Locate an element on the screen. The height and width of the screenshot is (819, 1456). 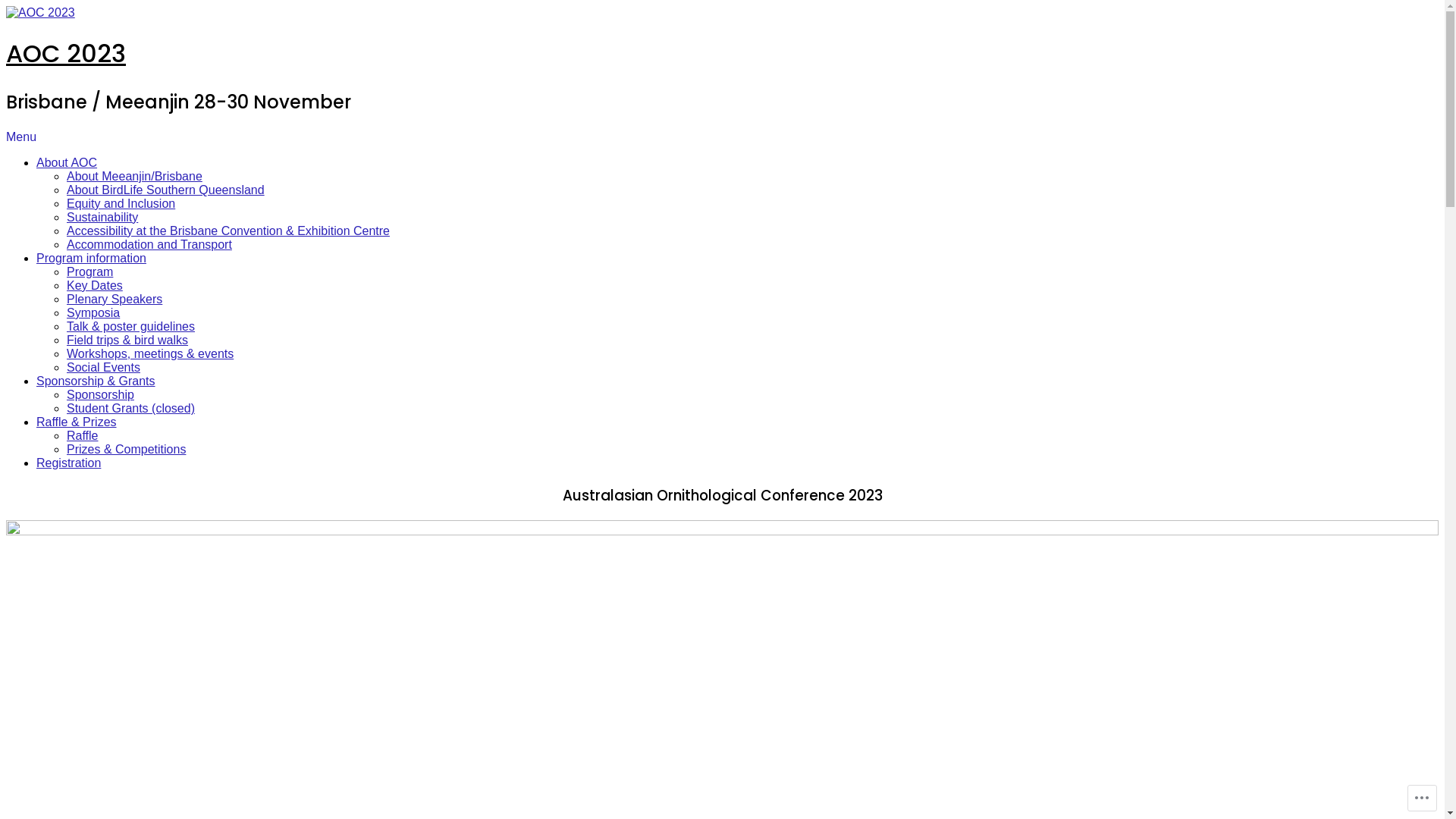
'Symposia' is located at coordinates (65, 312).